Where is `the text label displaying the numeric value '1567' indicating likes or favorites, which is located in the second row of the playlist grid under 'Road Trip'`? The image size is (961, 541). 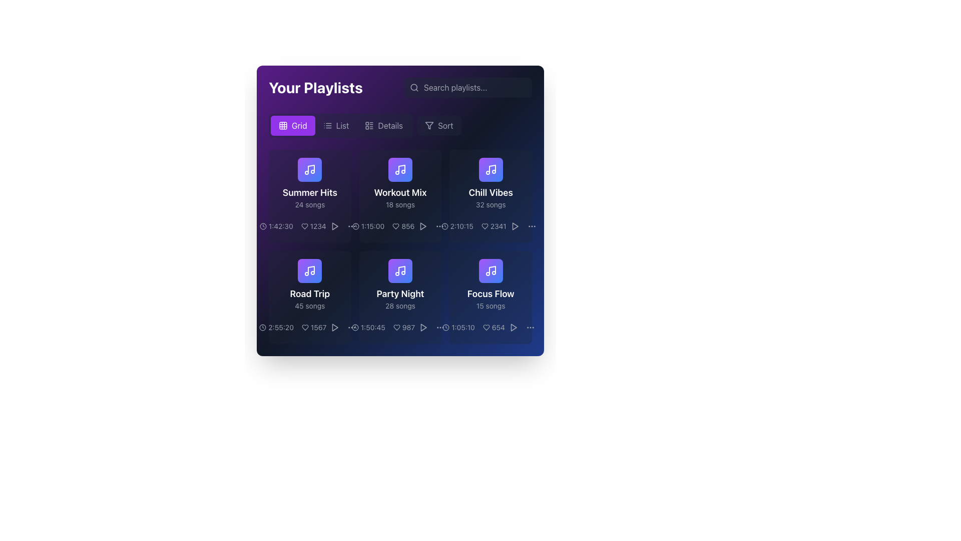 the text label displaying the numeric value '1567' indicating likes or favorites, which is located in the second row of the playlist grid under 'Road Trip' is located at coordinates (313, 328).